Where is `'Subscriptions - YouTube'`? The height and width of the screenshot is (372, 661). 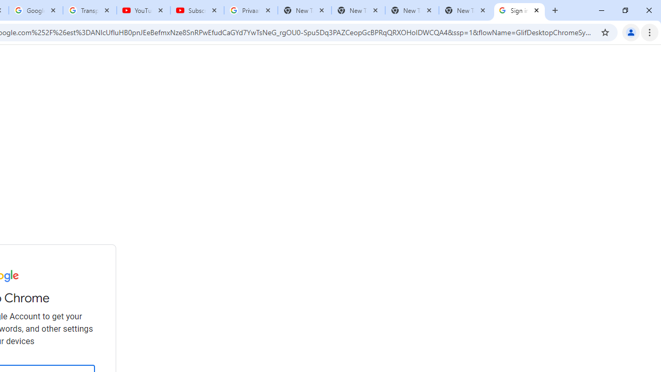
'Subscriptions - YouTube' is located at coordinates (197, 10).